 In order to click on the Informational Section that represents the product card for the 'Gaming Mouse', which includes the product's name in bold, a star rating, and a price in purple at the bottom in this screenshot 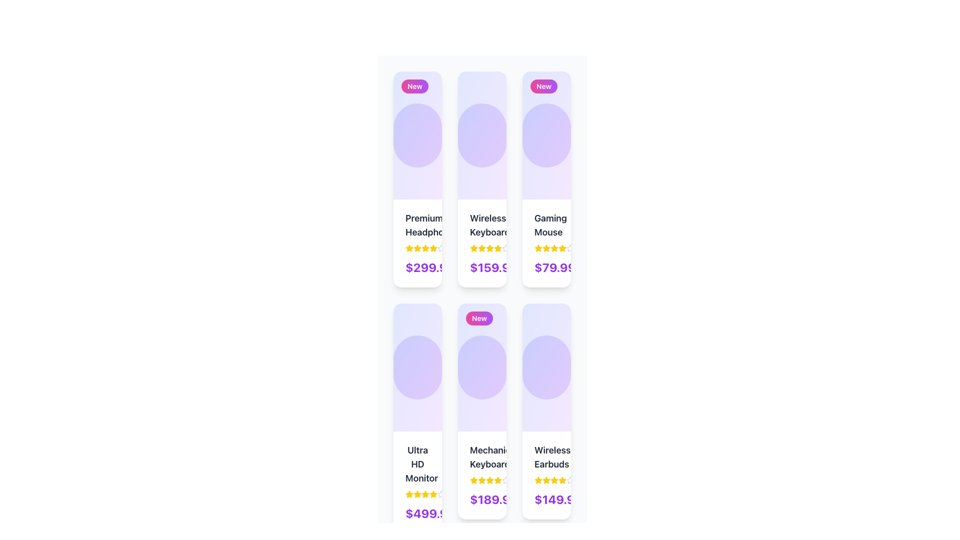, I will do `click(546, 243)`.